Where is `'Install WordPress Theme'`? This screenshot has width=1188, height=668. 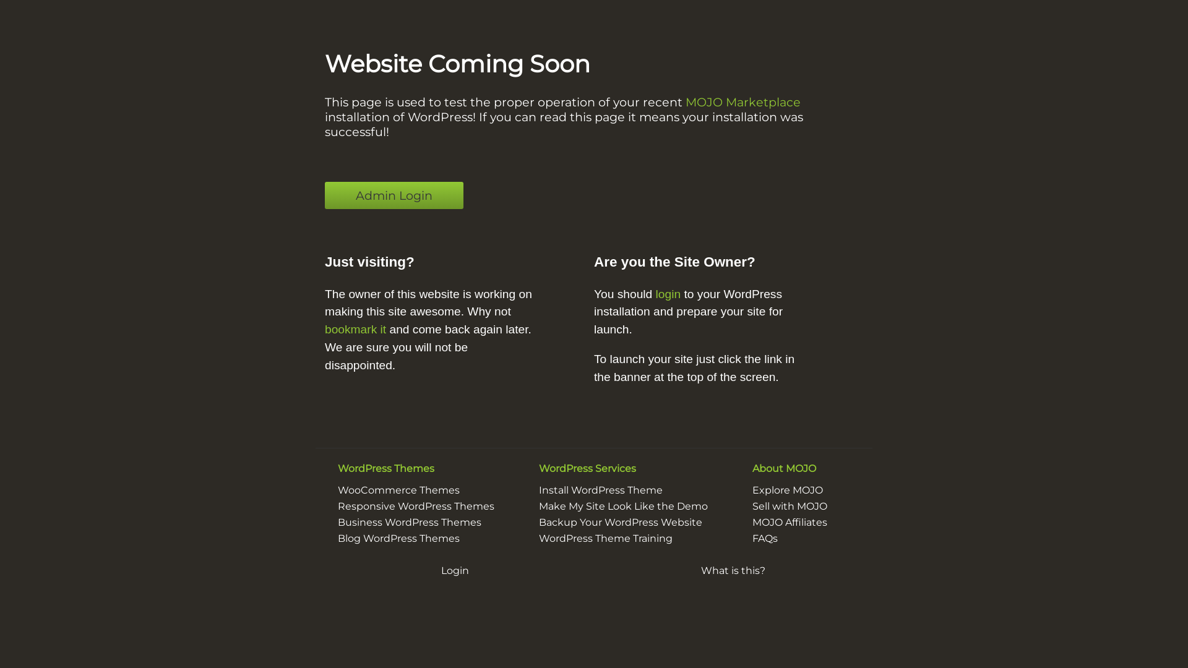 'Install WordPress Theme' is located at coordinates (600, 489).